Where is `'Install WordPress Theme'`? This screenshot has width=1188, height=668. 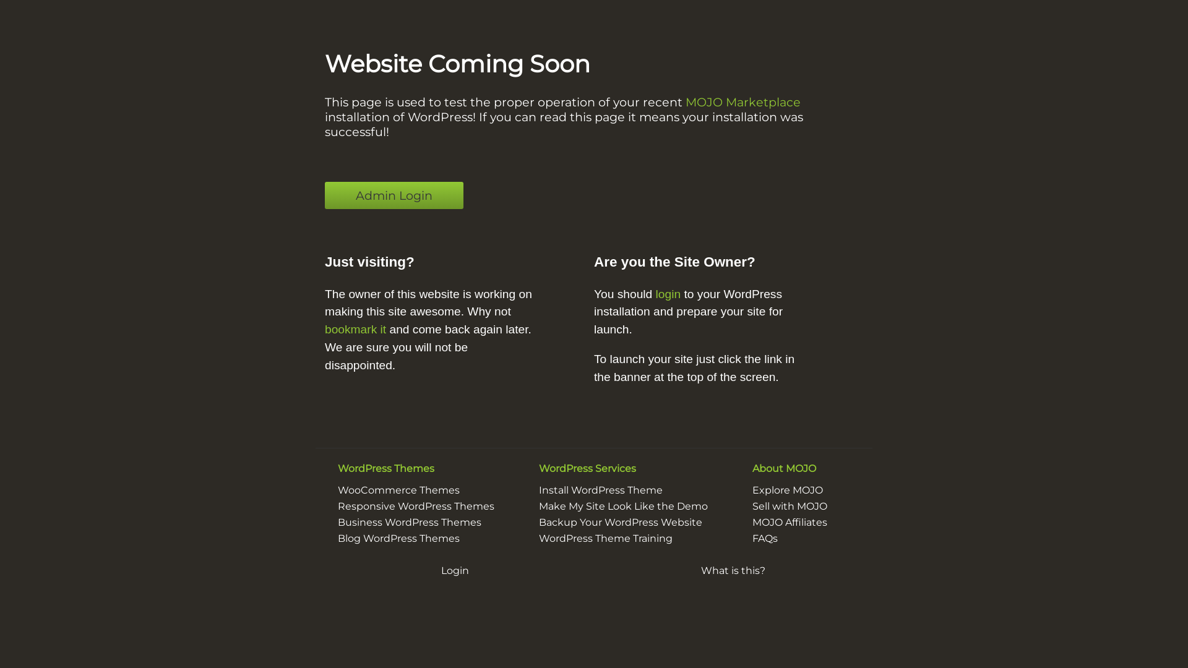 'Install WordPress Theme' is located at coordinates (600, 489).